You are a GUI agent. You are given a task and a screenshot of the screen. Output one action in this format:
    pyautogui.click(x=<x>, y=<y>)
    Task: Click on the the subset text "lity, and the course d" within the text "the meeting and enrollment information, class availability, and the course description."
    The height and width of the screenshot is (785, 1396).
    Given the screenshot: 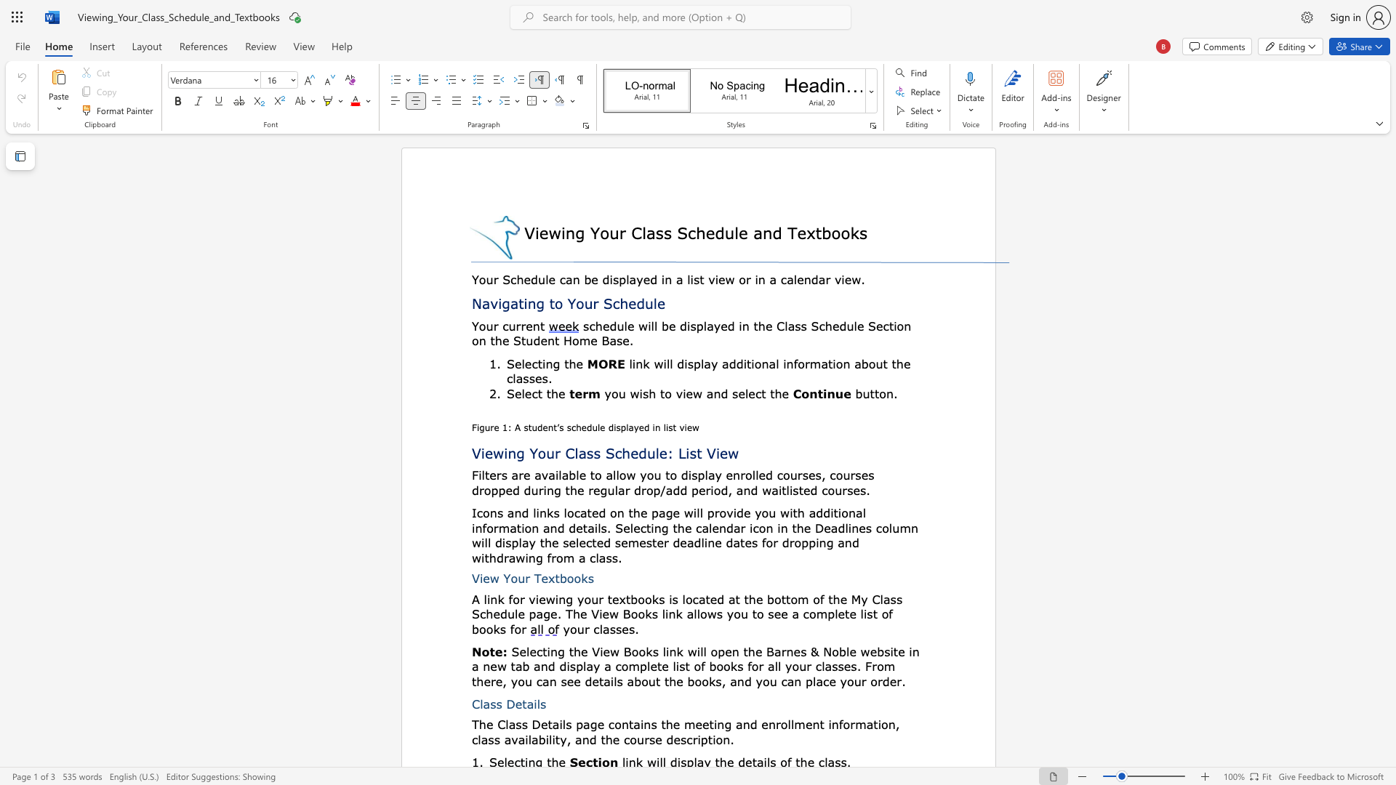 What is the action you would take?
    pyautogui.click(x=548, y=739)
    